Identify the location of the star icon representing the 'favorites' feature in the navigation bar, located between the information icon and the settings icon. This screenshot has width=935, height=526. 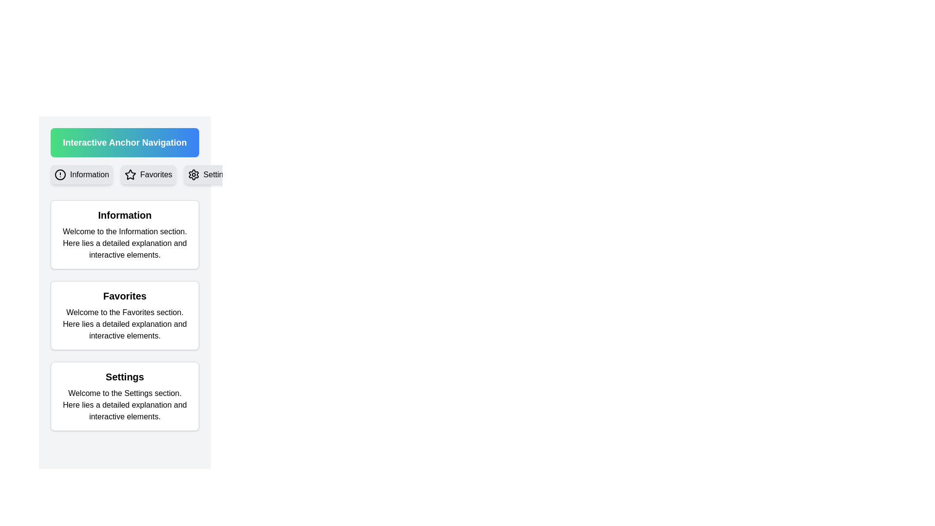
(130, 174).